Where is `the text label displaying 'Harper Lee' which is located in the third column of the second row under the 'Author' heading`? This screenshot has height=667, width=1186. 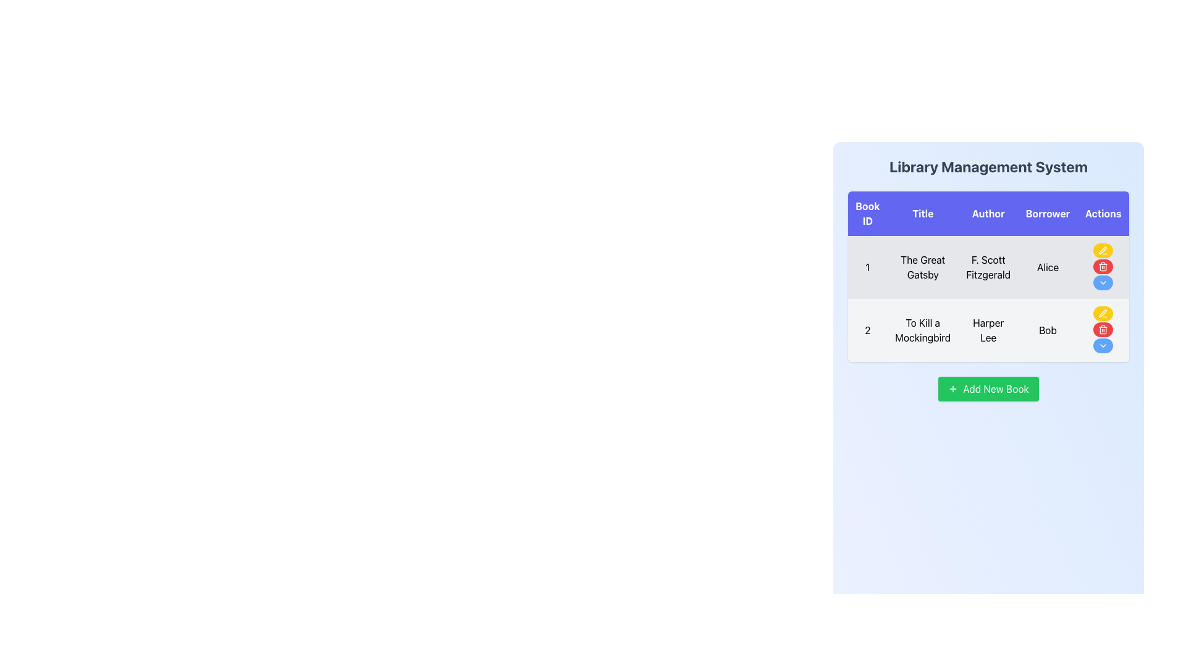 the text label displaying 'Harper Lee' which is located in the third column of the second row under the 'Author' heading is located at coordinates (988, 330).